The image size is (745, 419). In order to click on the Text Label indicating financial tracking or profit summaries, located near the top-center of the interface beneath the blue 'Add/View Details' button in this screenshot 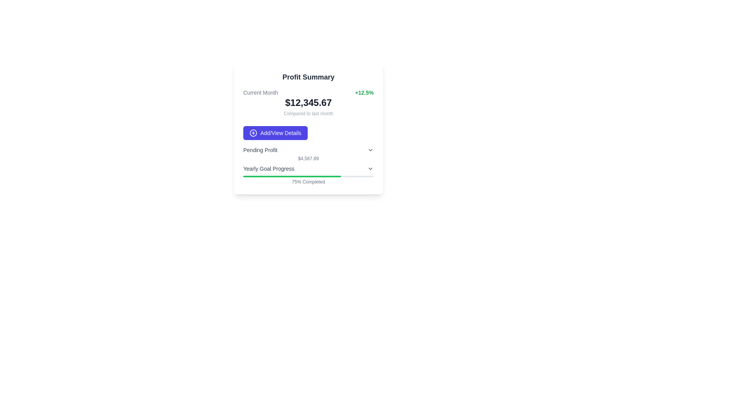, I will do `click(260, 150)`.